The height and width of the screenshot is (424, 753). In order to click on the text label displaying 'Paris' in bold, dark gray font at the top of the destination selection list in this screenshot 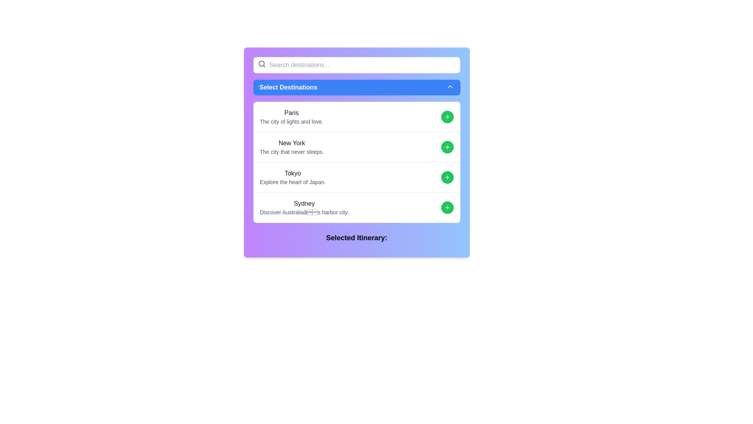, I will do `click(291, 113)`.